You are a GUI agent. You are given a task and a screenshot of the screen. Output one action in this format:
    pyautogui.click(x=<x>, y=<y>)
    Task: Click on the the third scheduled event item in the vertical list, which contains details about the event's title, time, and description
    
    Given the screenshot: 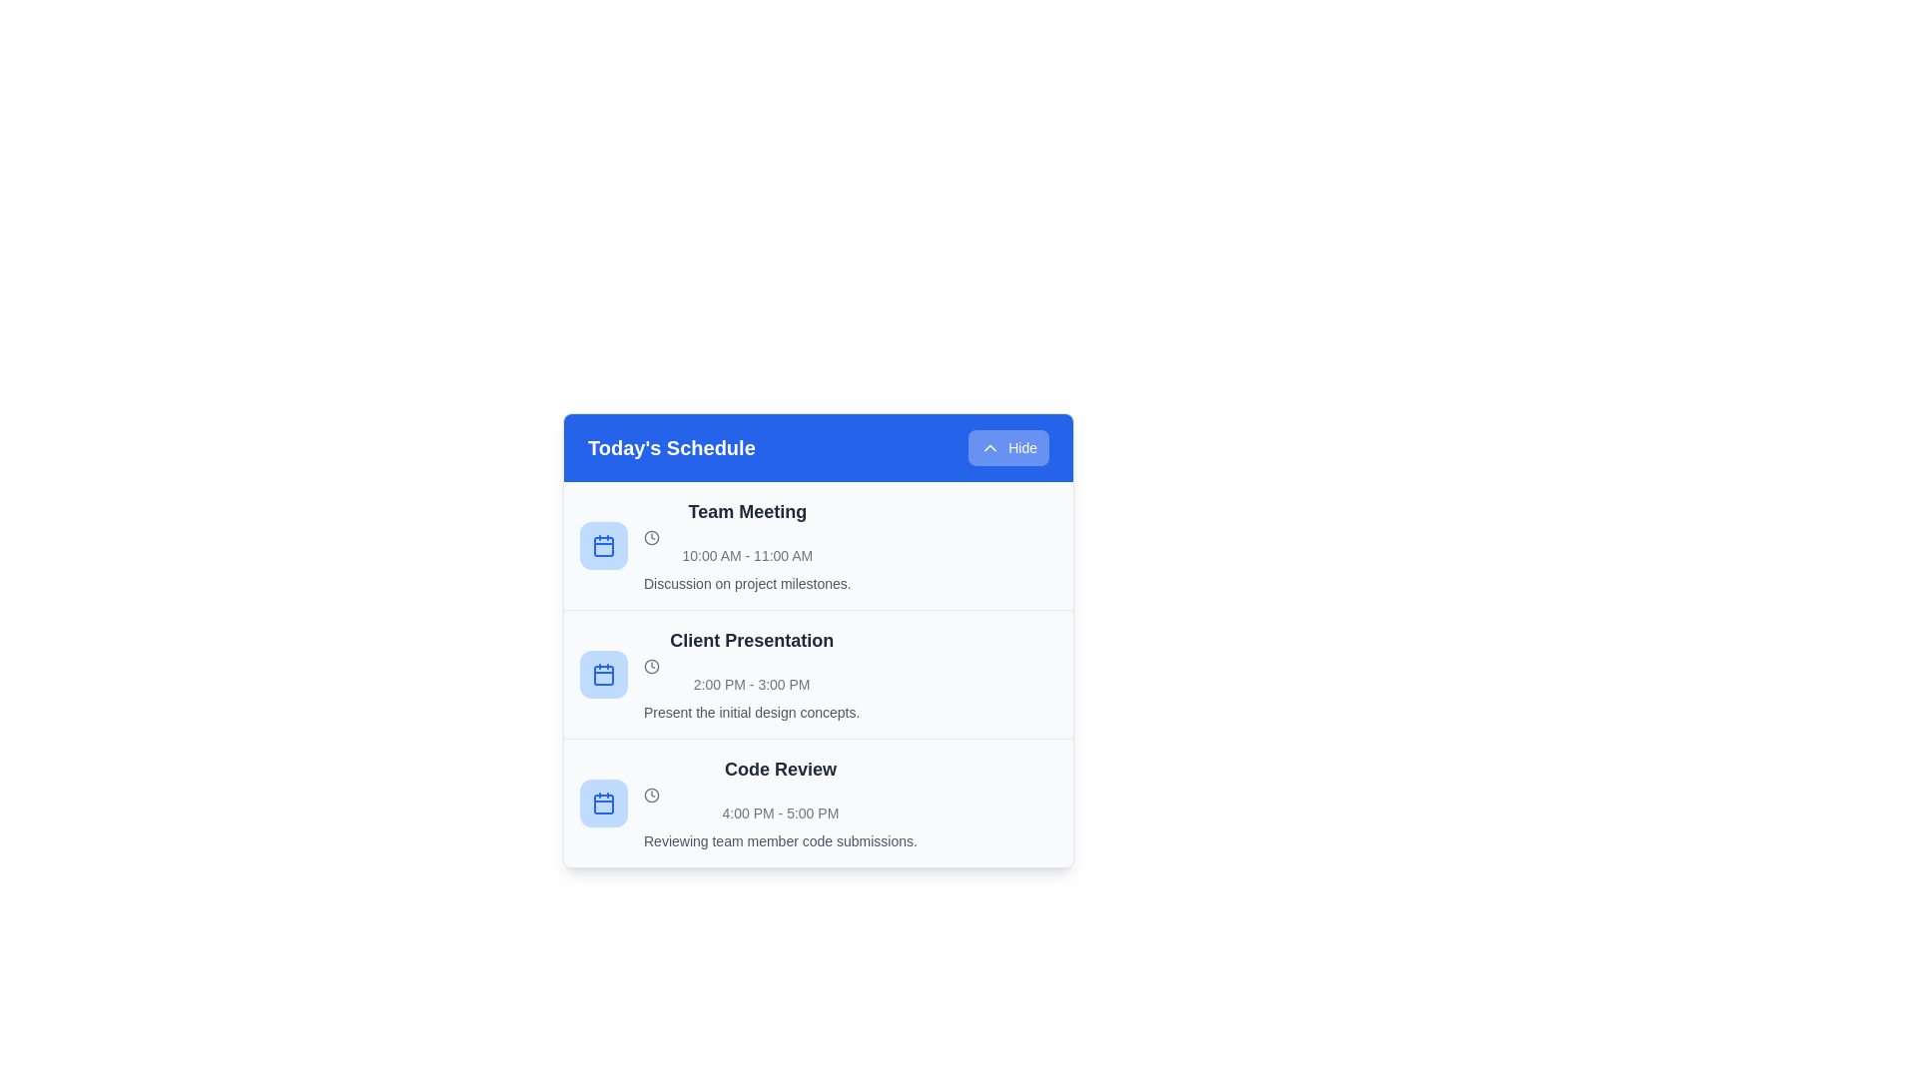 What is the action you would take?
    pyautogui.click(x=819, y=803)
    